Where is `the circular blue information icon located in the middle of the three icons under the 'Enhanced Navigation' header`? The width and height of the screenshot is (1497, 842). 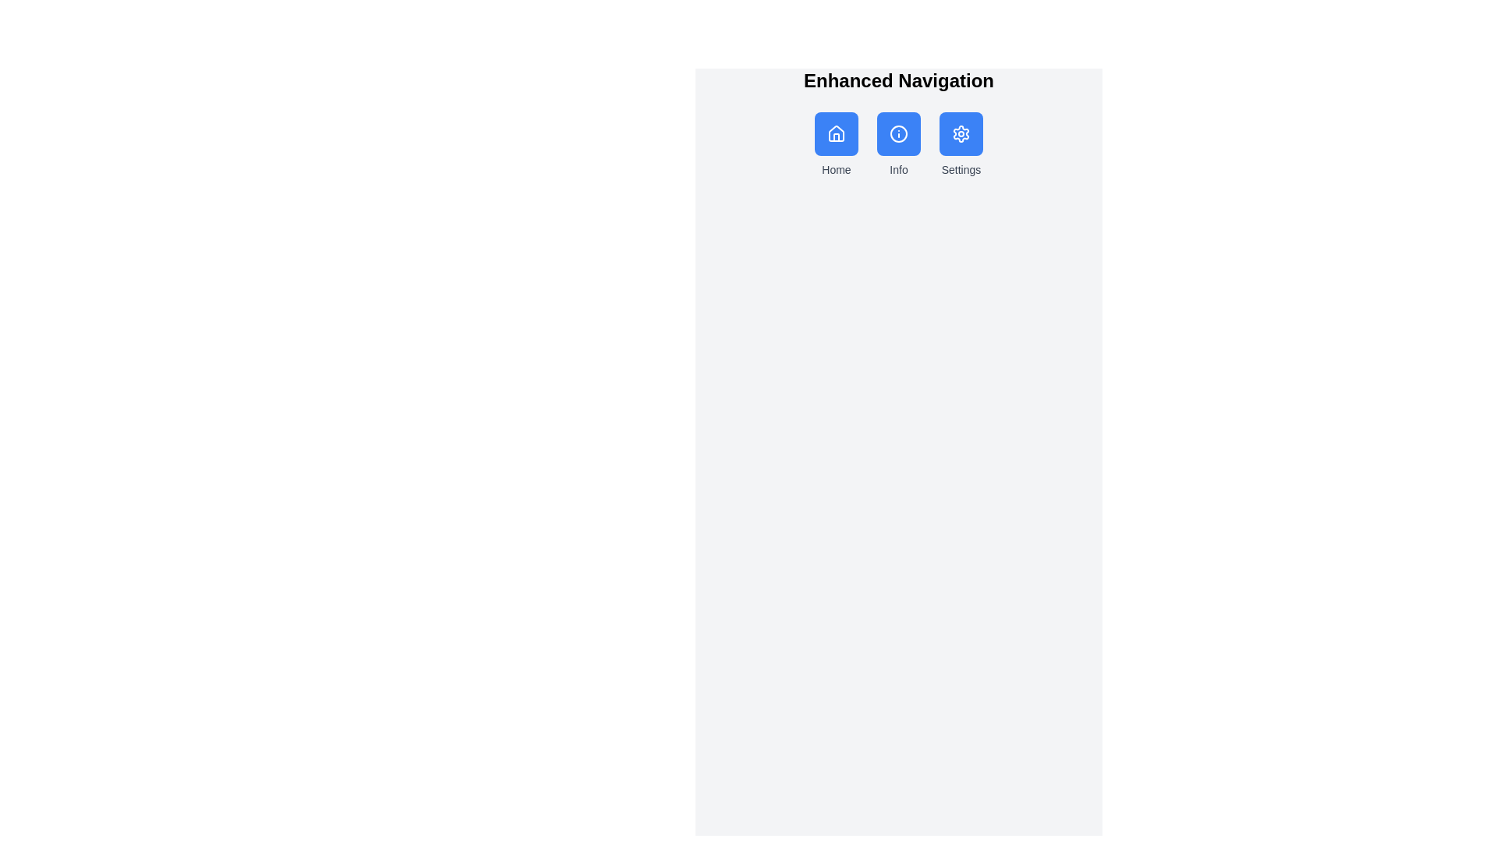
the circular blue information icon located in the middle of the three icons under the 'Enhanced Navigation' header is located at coordinates (898, 133).